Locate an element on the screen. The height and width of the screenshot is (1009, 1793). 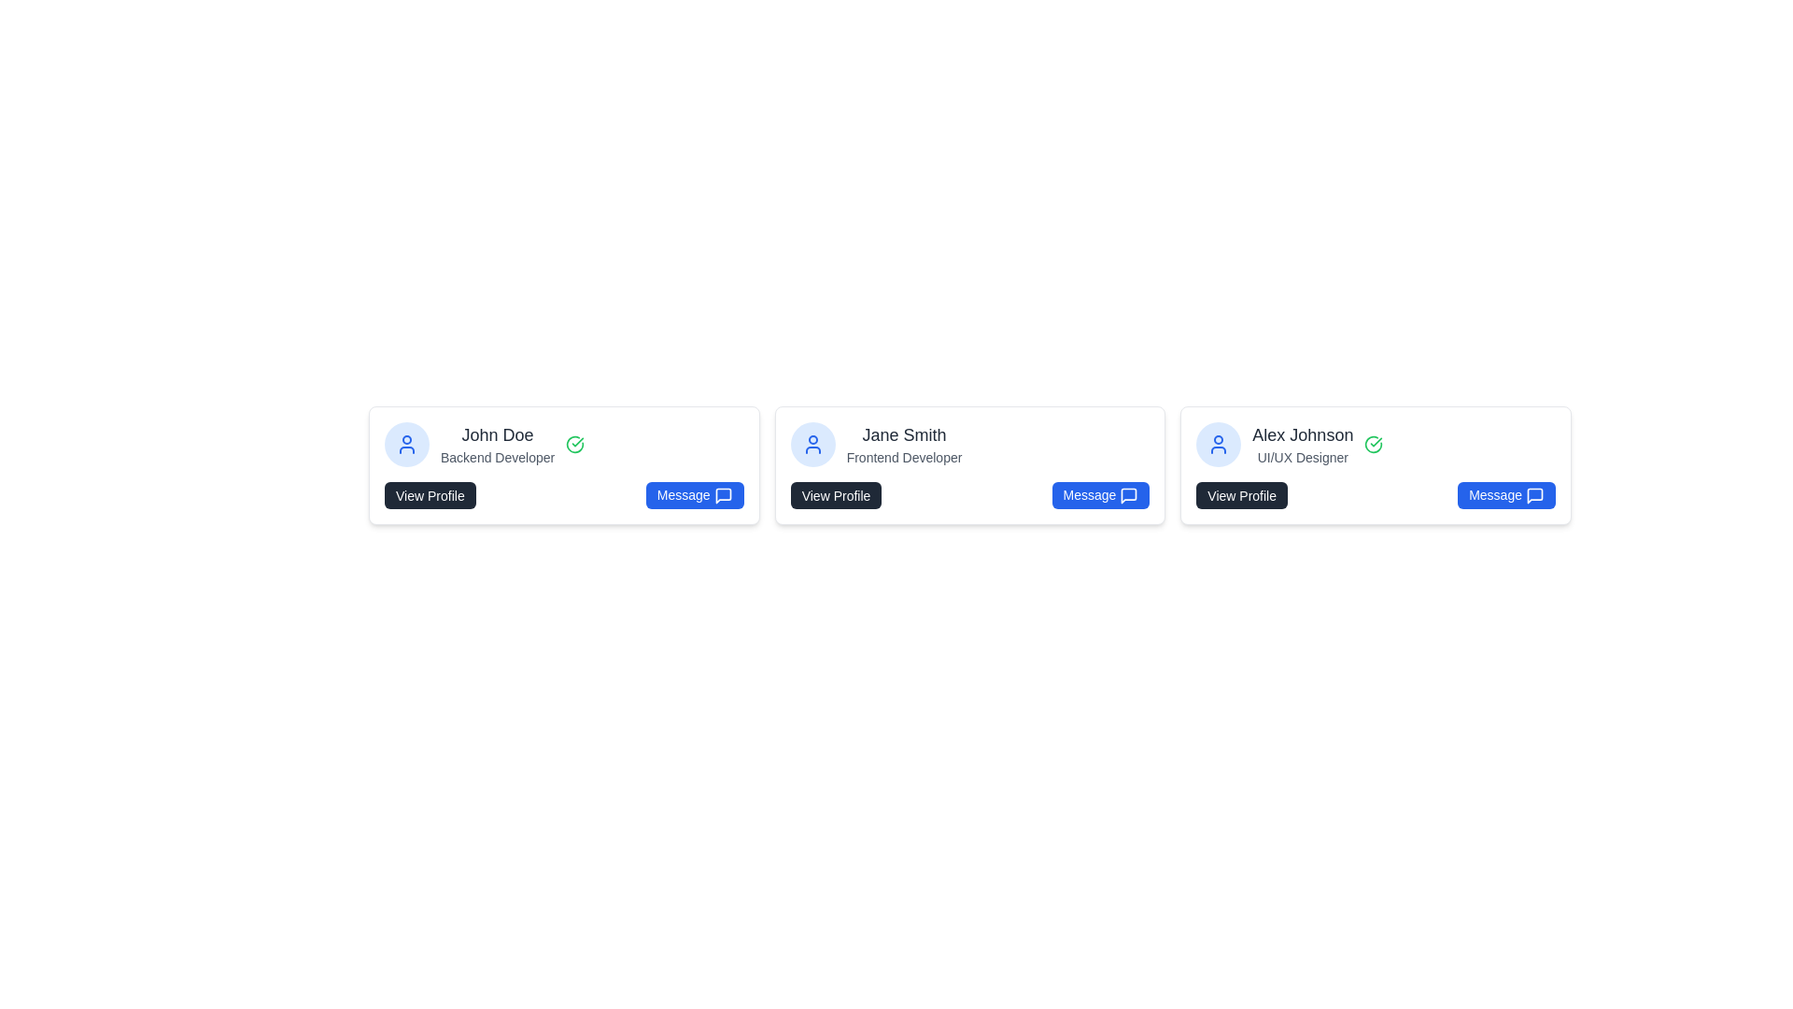
the text label 'John Doe', which is styled in gray against a white background and is located at the top-left section of a profile card is located at coordinates (498, 435).